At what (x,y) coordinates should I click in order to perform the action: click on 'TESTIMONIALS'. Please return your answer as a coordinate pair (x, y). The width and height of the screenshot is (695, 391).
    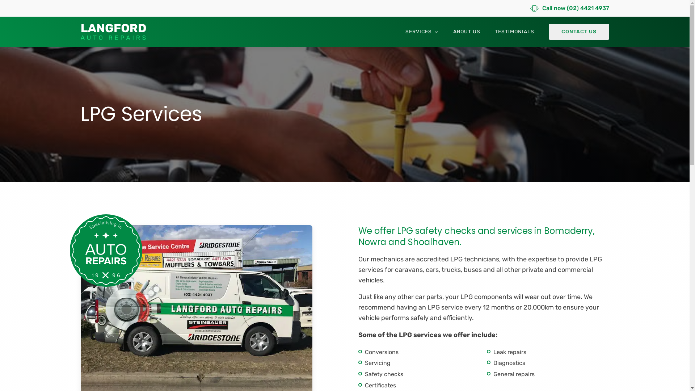
    Looking at the image, I should click on (514, 31).